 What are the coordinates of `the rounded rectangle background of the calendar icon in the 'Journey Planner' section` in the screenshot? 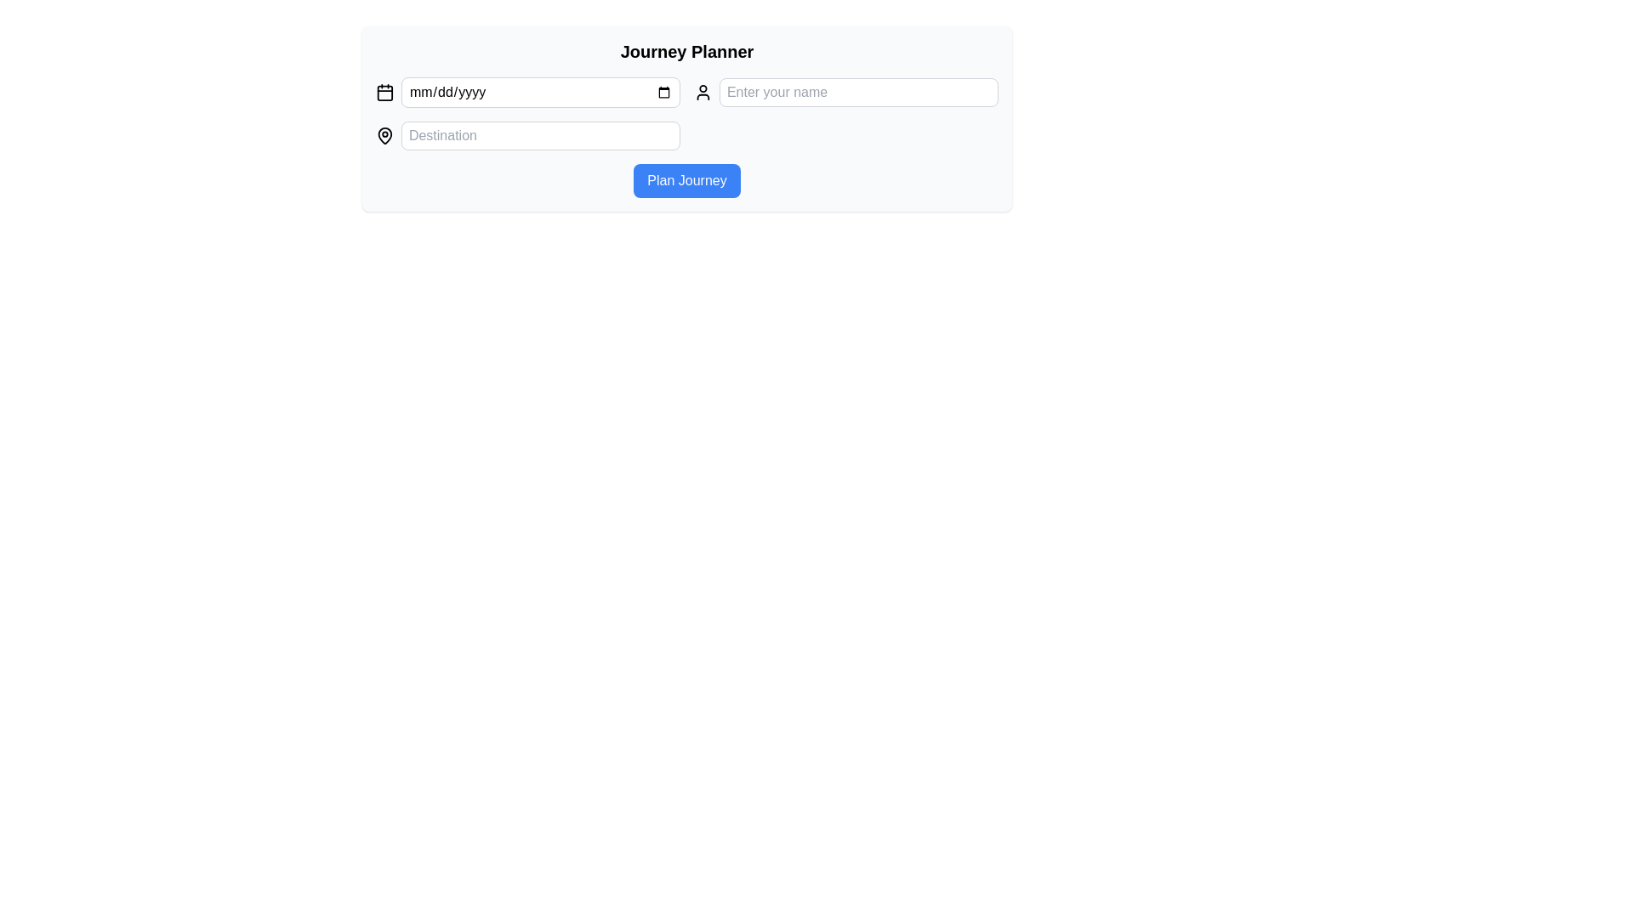 It's located at (384, 93).